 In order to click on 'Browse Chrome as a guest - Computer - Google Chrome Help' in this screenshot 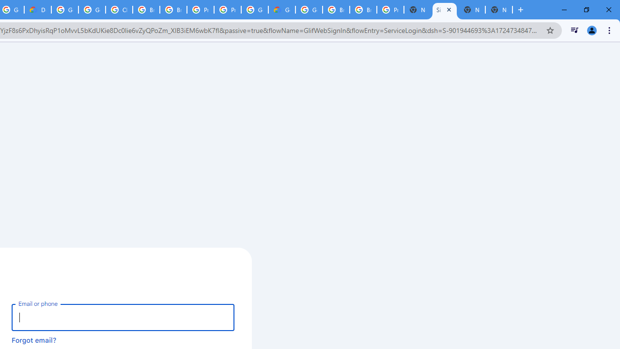, I will do `click(146, 10)`.